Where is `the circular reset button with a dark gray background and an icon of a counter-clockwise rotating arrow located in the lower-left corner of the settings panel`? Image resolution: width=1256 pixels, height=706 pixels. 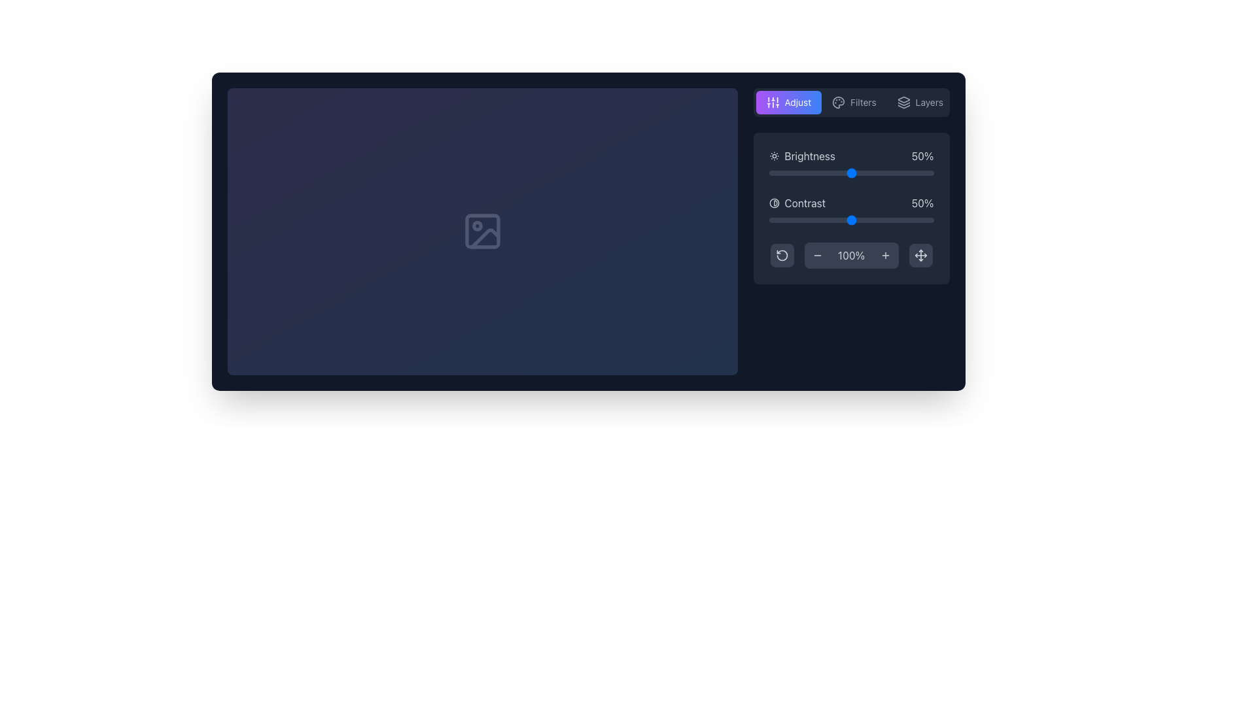 the circular reset button with a dark gray background and an icon of a counter-clockwise rotating arrow located in the lower-left corner of the settings panel is located at coordinates (782, 255).